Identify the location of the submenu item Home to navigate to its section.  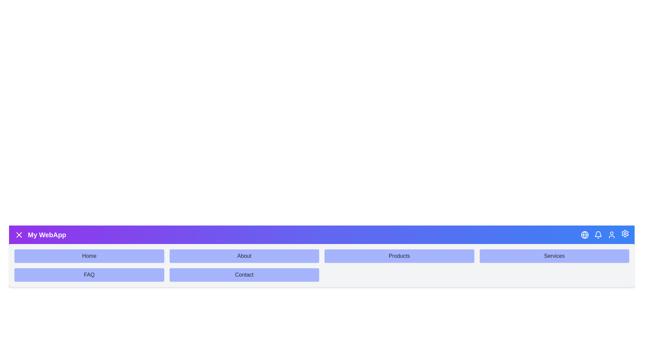
(89, 256).